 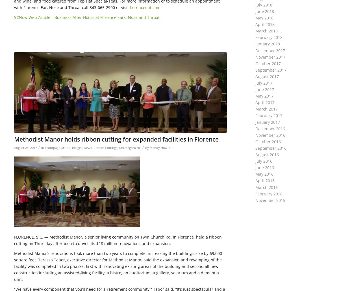 What do you see at coordinates (90, 55) in the screenshot?
I see `'https://www.flochamber.com/wp-content/uploads/2017/08/methodistmanor.jpg'` at bounding box center [90, 55].